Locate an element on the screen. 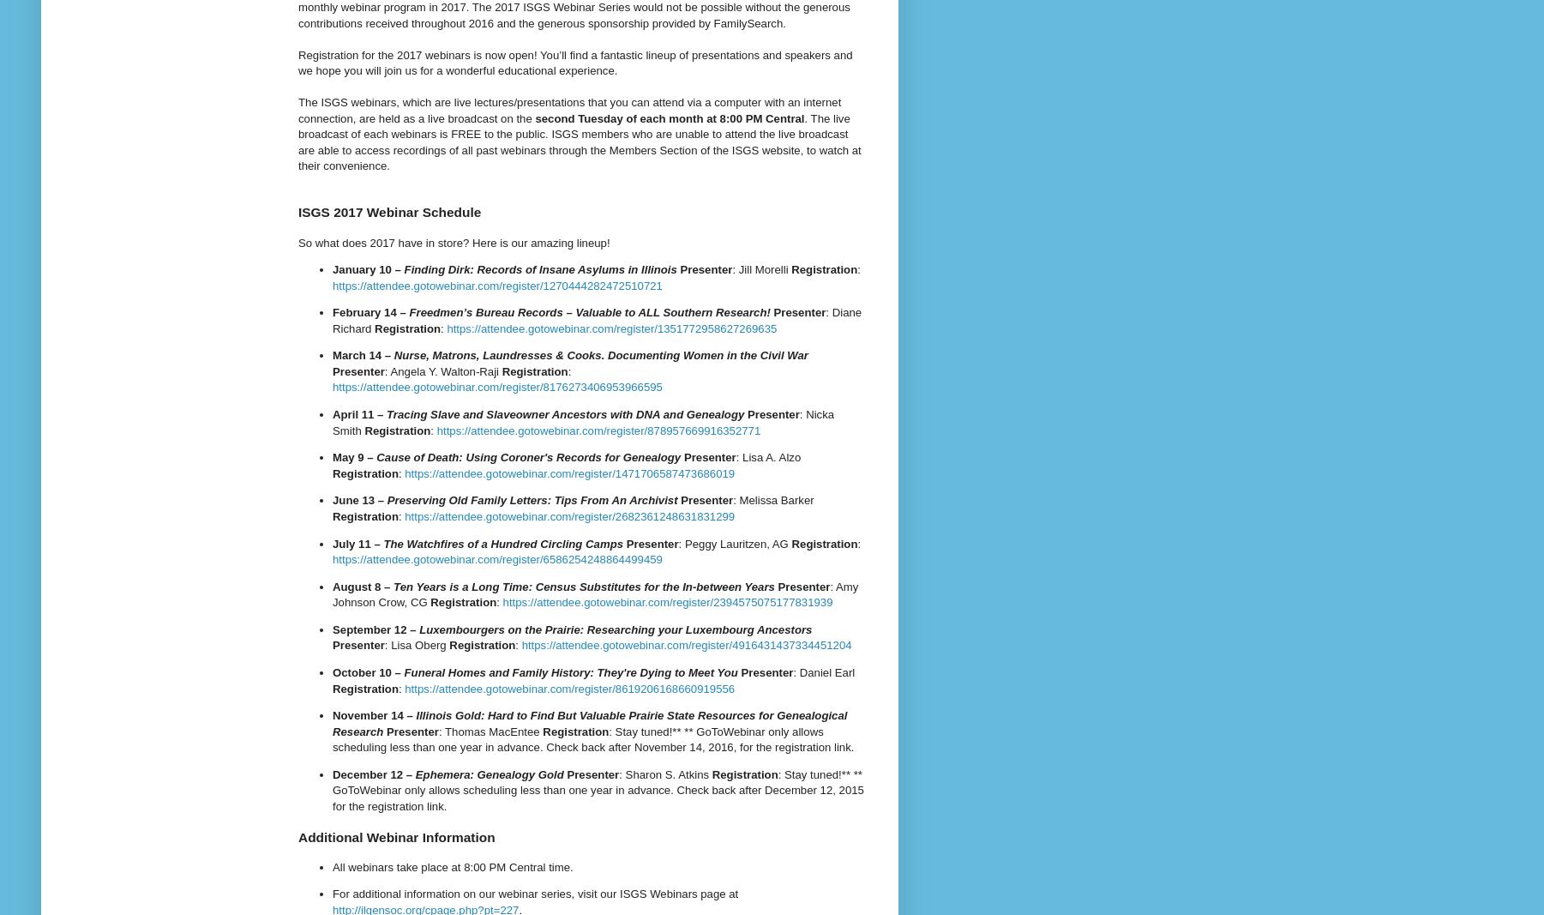 The height and width of the screenshot is (915, 1544). 'July 11 –' is located at coordinates (357, 543).